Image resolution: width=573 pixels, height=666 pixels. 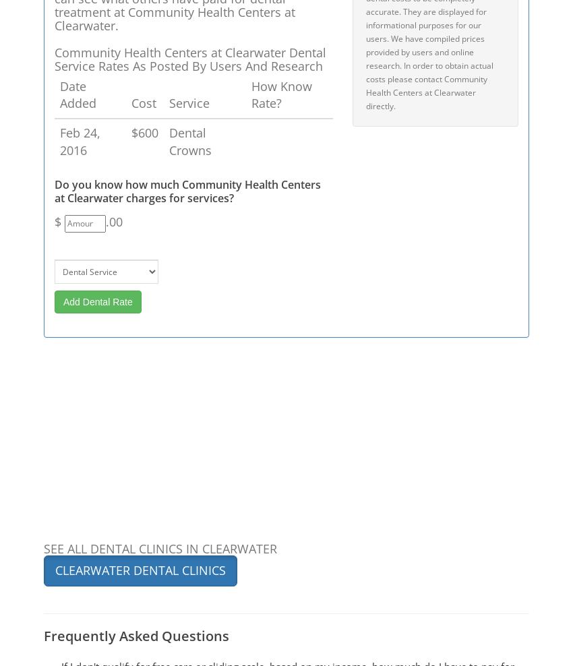 What do you see at coordinates (80, 141) in the screenshot?
I see `'Feb 24, 2016'` at bounding box center [80, 141].